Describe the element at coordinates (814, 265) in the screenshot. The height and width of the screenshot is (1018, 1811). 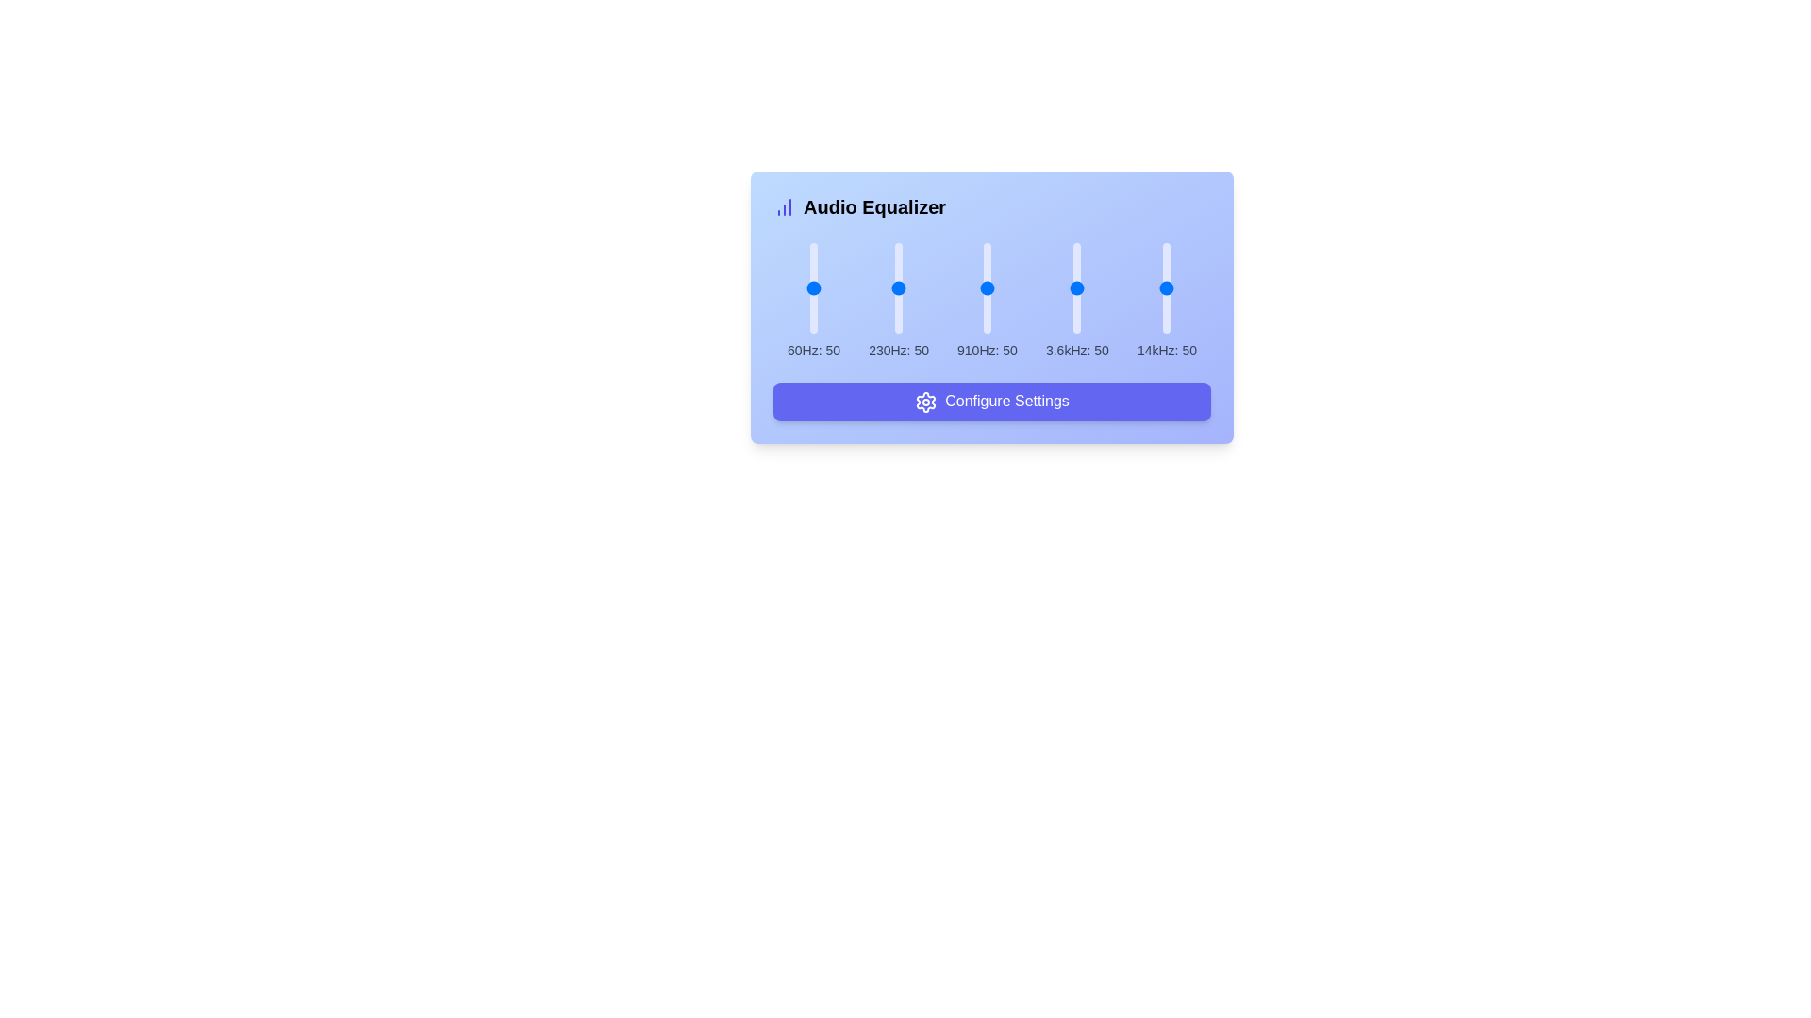
I see `the 60Hz frequency slider` at that location.